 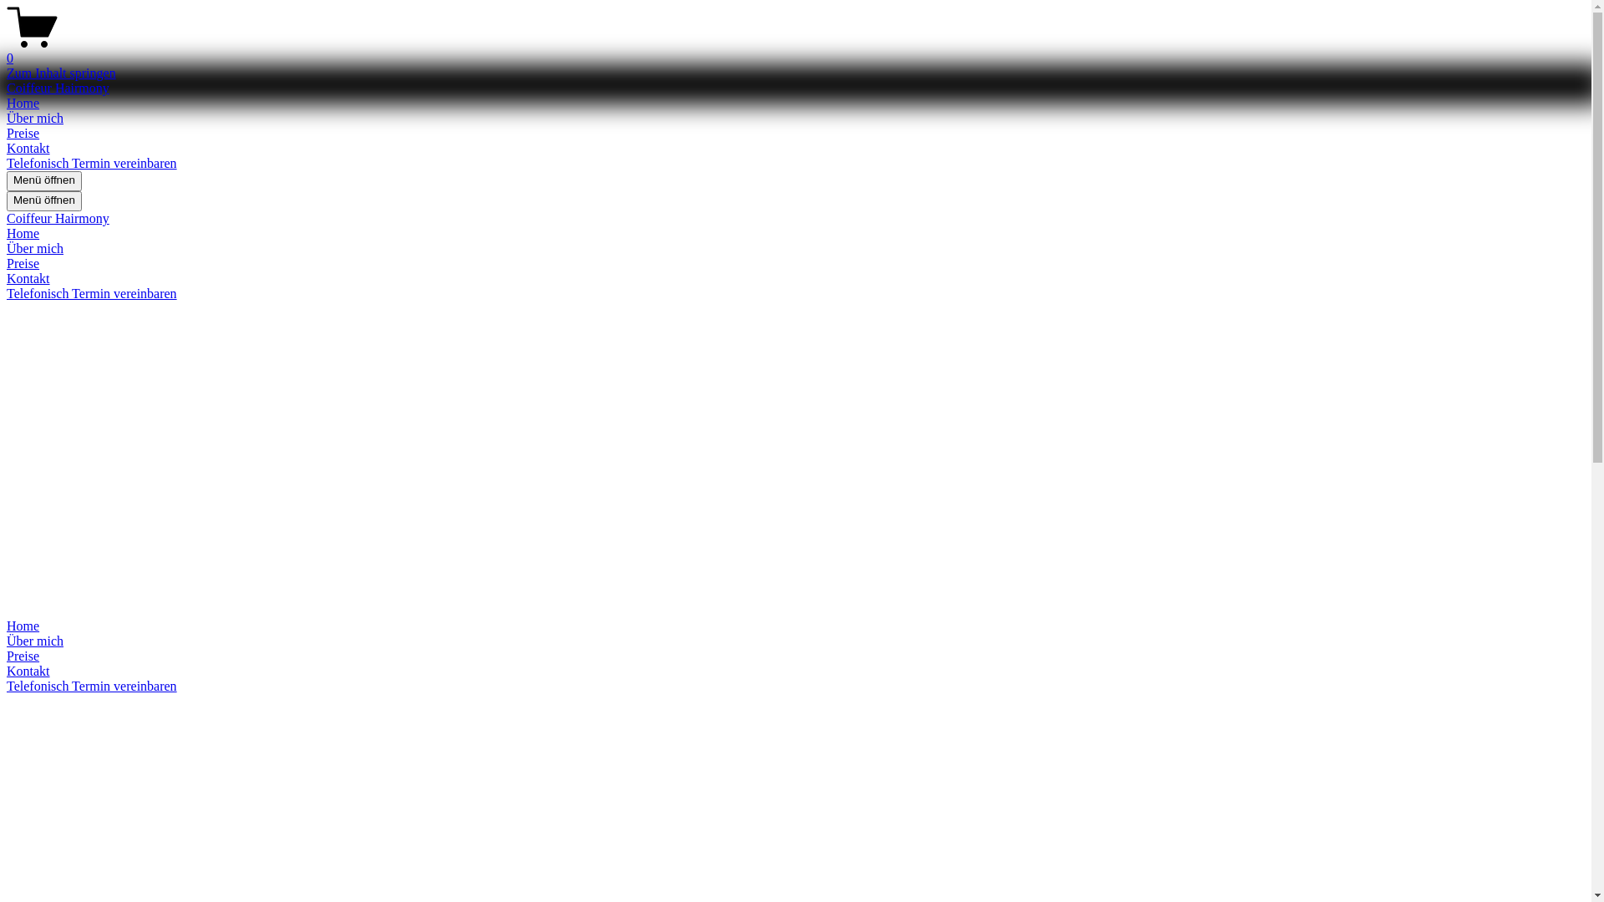 I want to click on 'Kontakt', so click(x=28, y=277).